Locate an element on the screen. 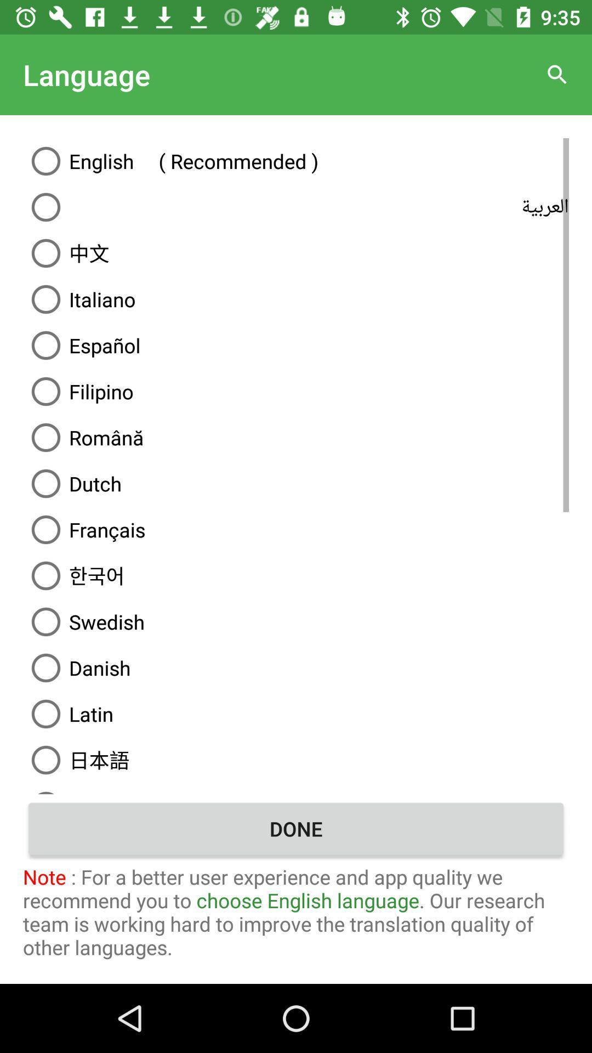 The height and width of the screenshot is (1053, 592). the danish item is located at coordinates (296, 667).